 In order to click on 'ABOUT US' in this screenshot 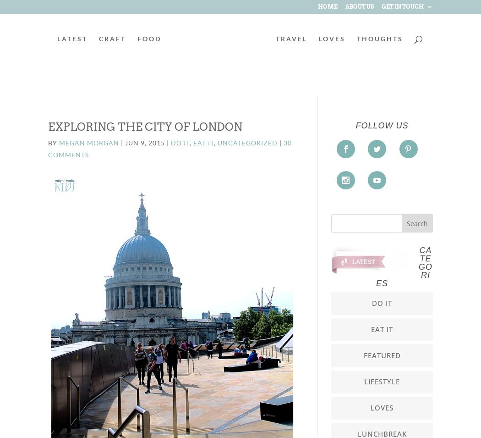, I will do `click(359, 6)`.